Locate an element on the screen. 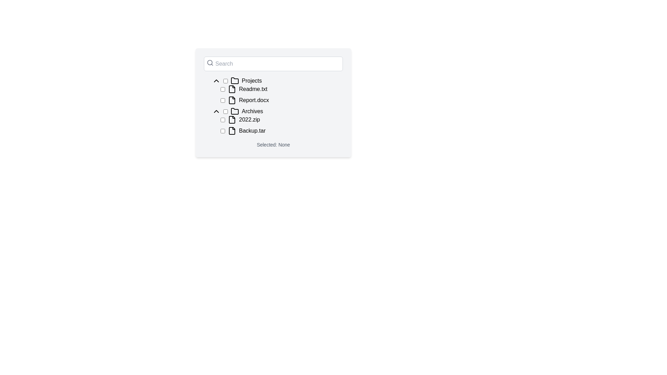  the Dropdown toggle icon located at the top left of the 'Projects' header is located at coordinates (216, 80).